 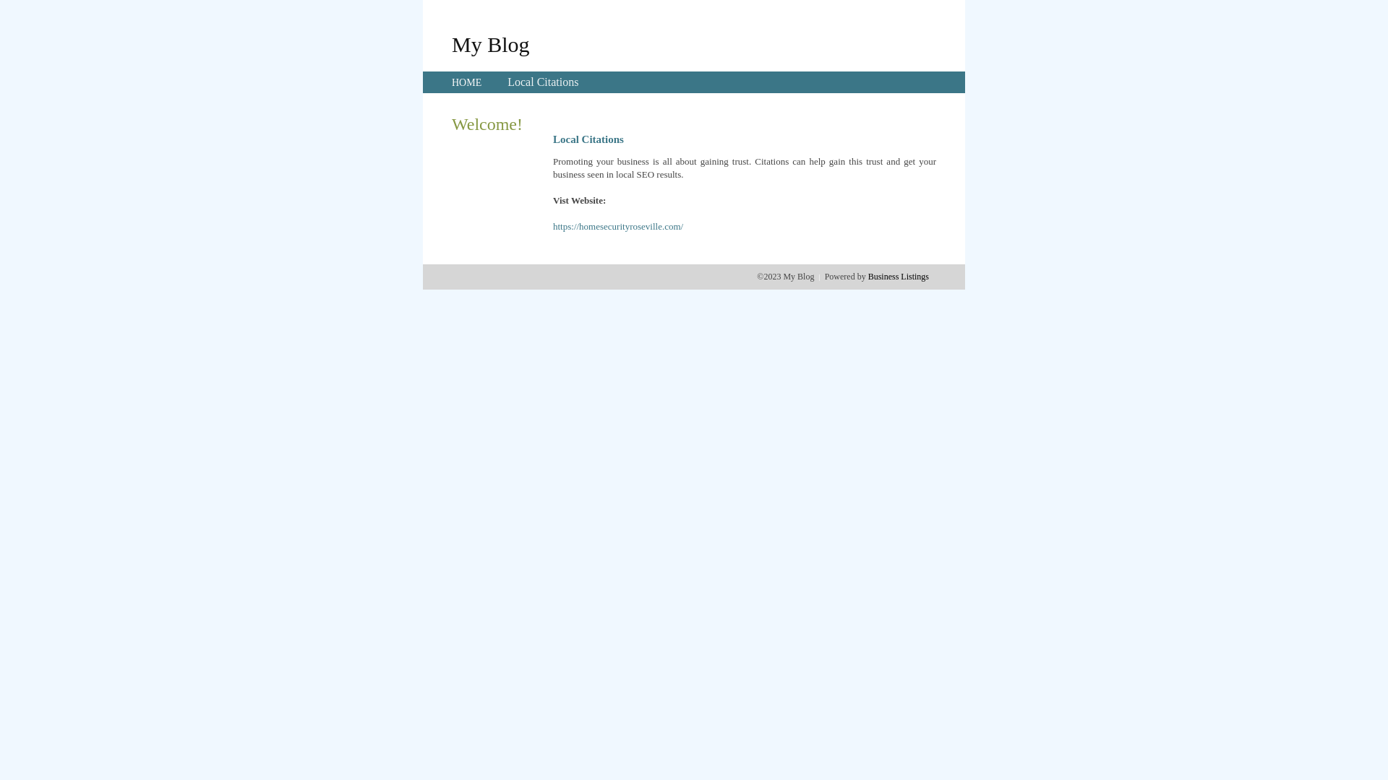 What do you see at coordinates (507, 82) in the screenshot?
I see `'Local Citations'` at bounding box center [507, 82].